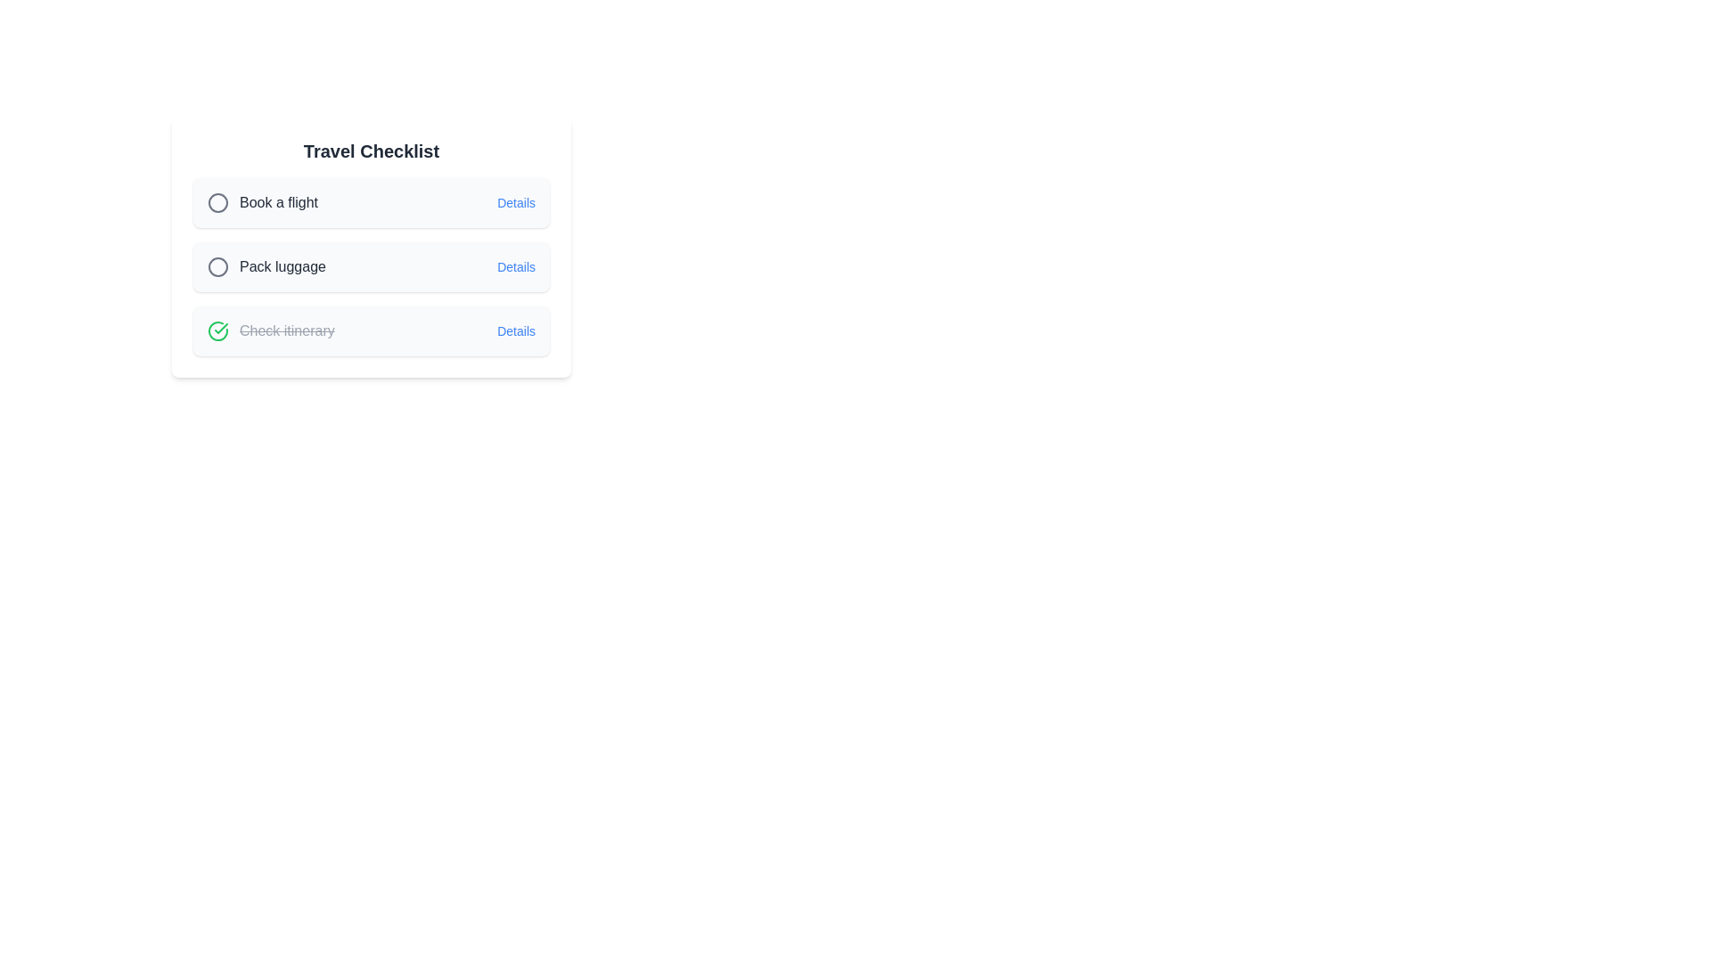  What do you see at coordinates (217, 267) in the screenshot?
I see `the circular gray icon located to the left of the text 'Pack luggage' in the second row of the checklist` at bounding box center [217, 267].